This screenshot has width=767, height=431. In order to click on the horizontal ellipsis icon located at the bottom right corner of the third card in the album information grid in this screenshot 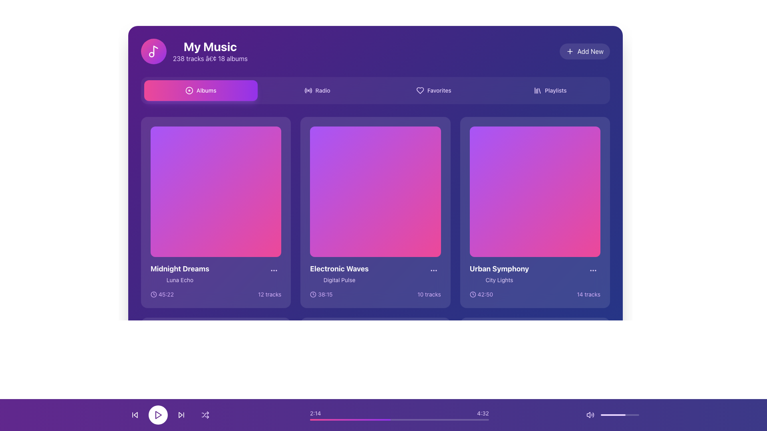, I will do `click(433, 270)`.